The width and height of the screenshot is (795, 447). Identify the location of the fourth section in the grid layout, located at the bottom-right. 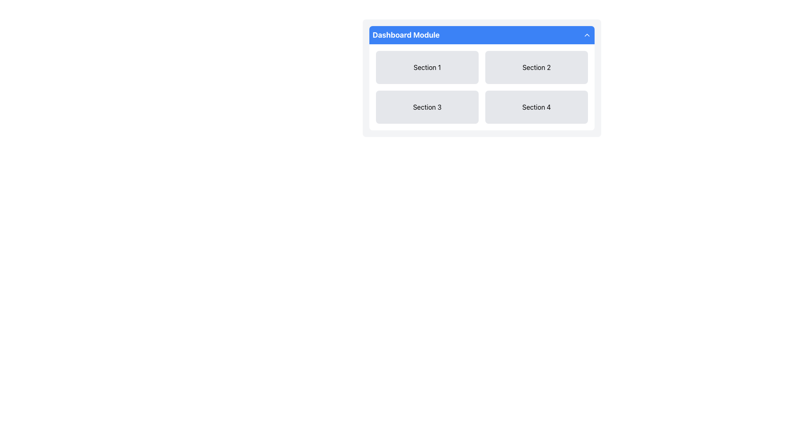
(537, 106).